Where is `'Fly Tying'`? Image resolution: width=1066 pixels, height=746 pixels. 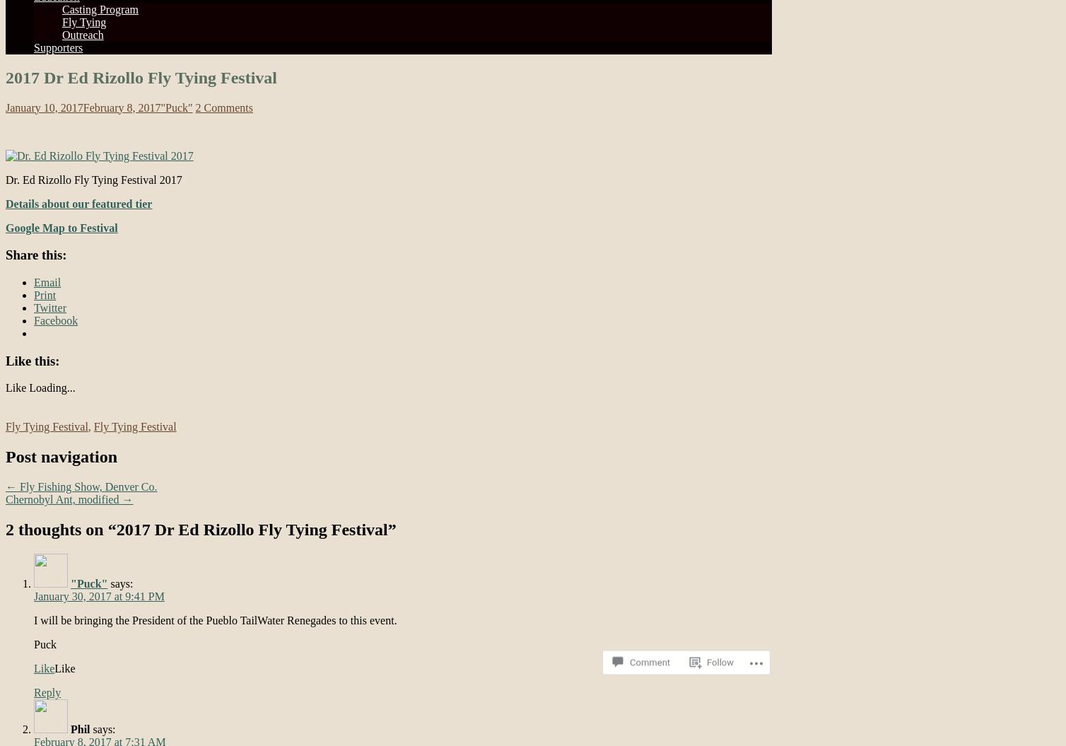 'Fly Tying' is located at coordinates (83, 21).